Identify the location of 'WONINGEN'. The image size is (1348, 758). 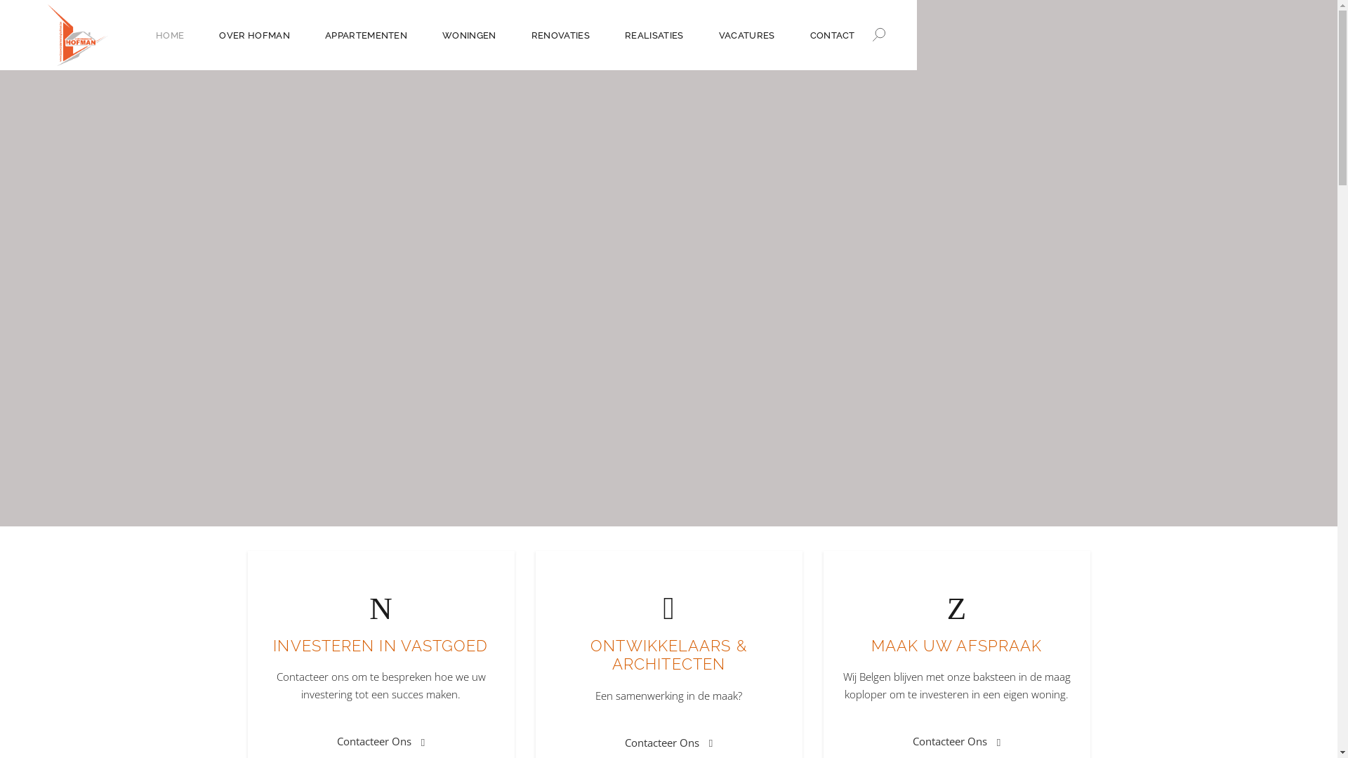
(469, 34).